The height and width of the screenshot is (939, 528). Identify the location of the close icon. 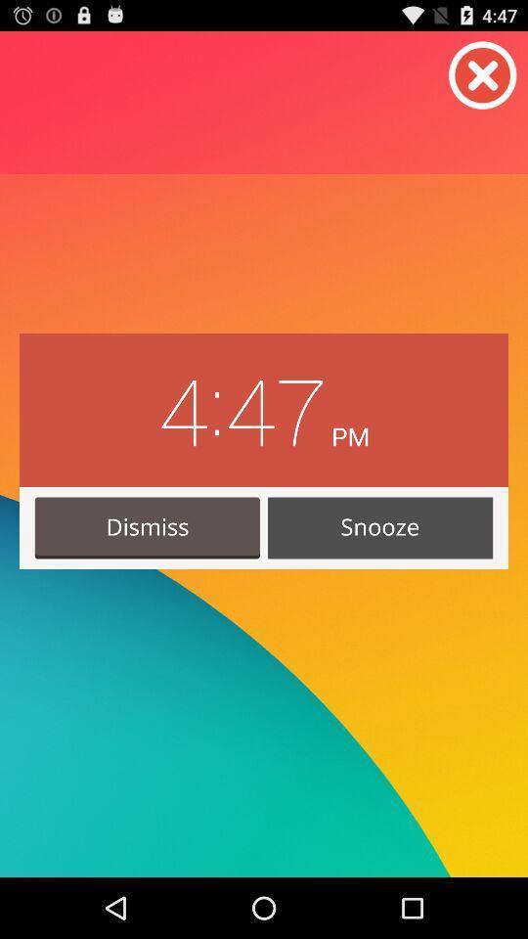
(482, 80).